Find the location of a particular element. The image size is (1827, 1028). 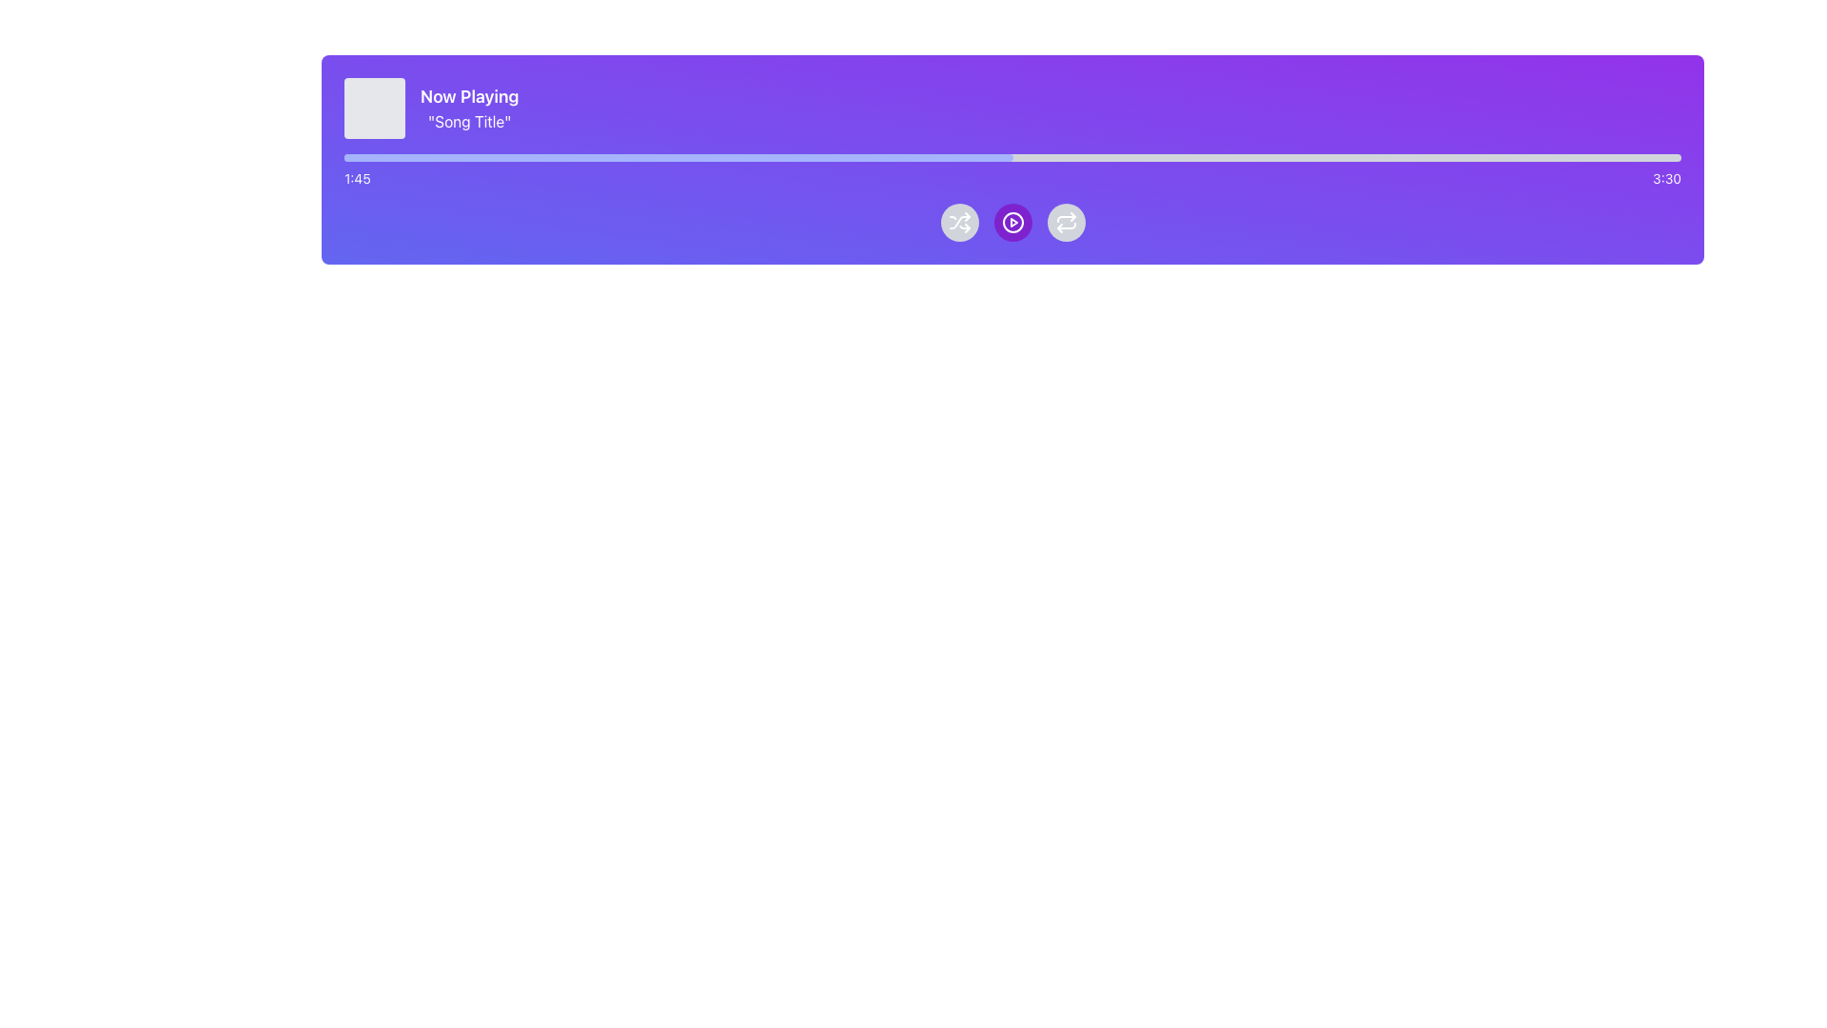

playback progress is located at coordinates (531, 156).